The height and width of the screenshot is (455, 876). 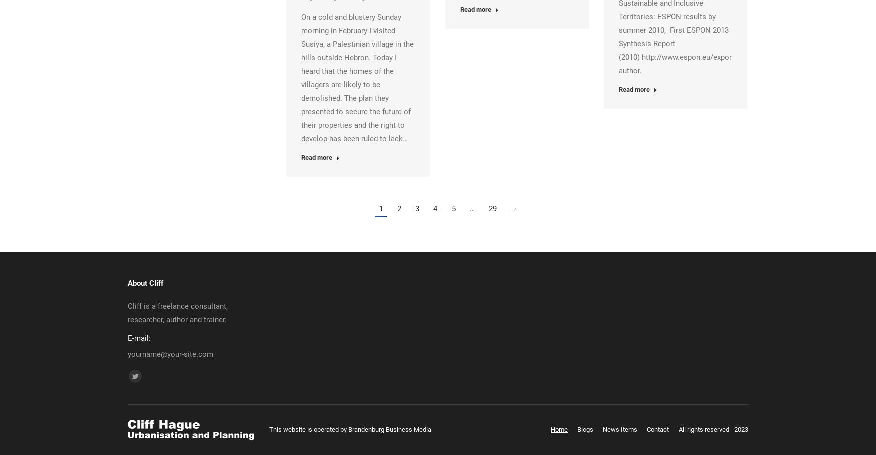 I want to click on '2', so click(x=399, y=207).